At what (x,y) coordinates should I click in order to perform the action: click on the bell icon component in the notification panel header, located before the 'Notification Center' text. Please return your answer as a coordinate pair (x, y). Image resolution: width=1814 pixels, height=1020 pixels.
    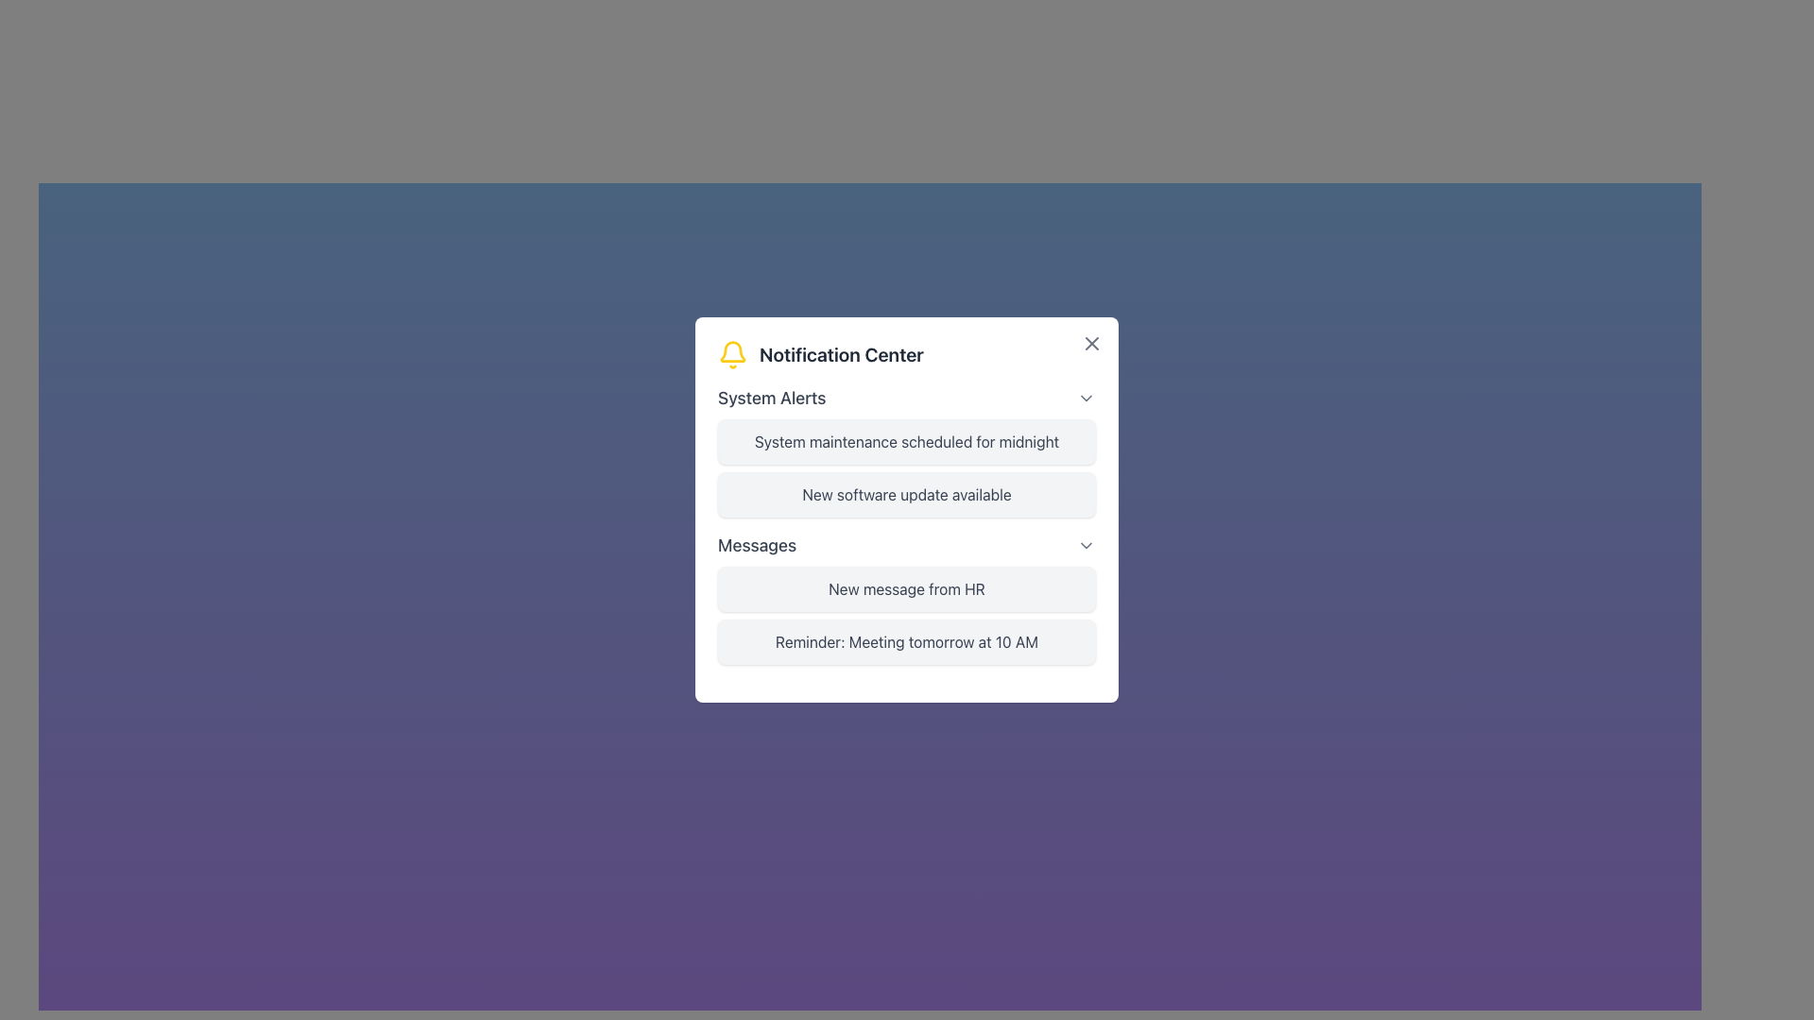
    Looking at the image, I should click on (732, 351).